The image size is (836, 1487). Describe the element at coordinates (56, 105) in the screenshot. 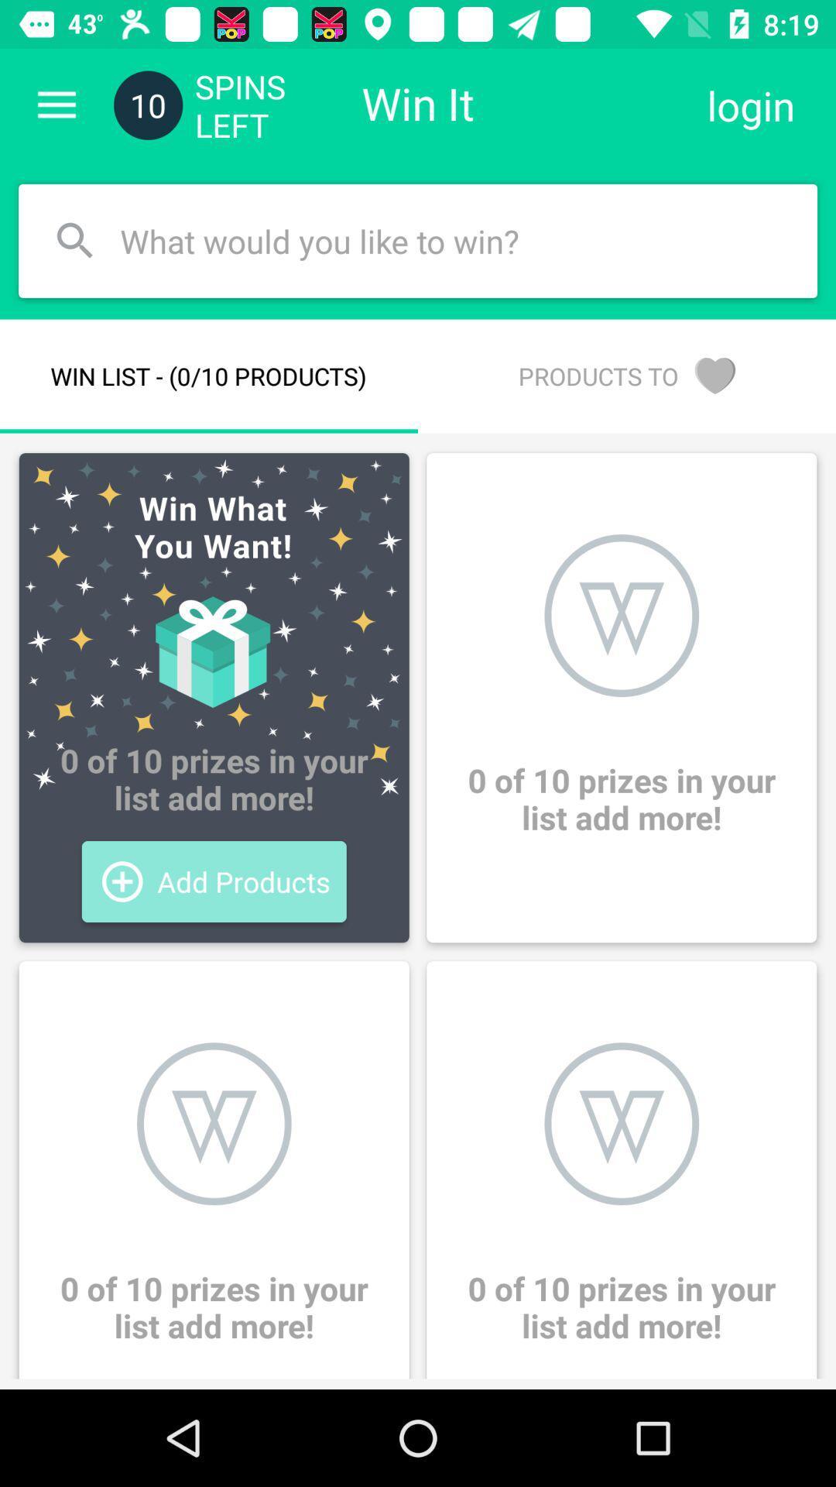

I see `item next to 10 item` at that location.